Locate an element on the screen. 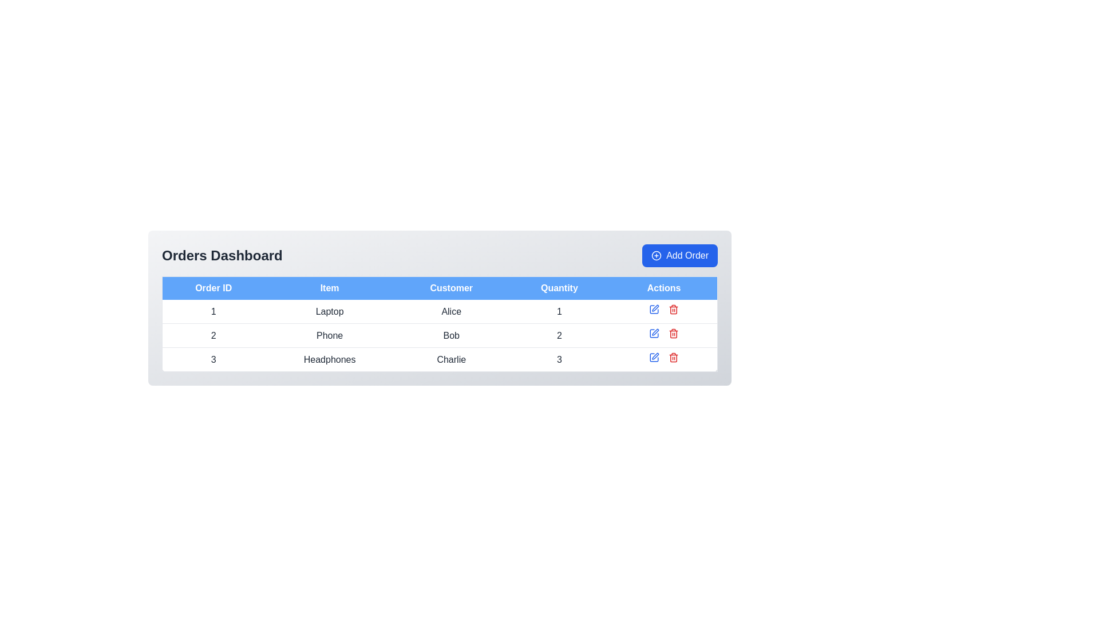 Image resolution: width=1099 pixels, height=618 pixels. the text label displaying the numeral '3' in bold, dark font located in the fourth column of the third row within the 'Orders Dashboard' table is located at coordinates (559, 359).